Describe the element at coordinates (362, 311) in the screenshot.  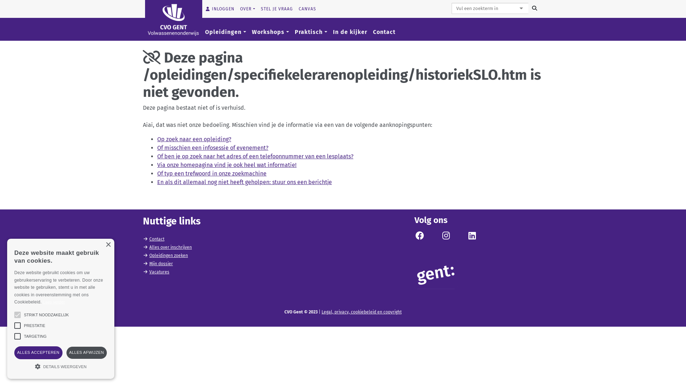
I see `'Legal, privacy, cookiebeleid en copyright'` at that location.